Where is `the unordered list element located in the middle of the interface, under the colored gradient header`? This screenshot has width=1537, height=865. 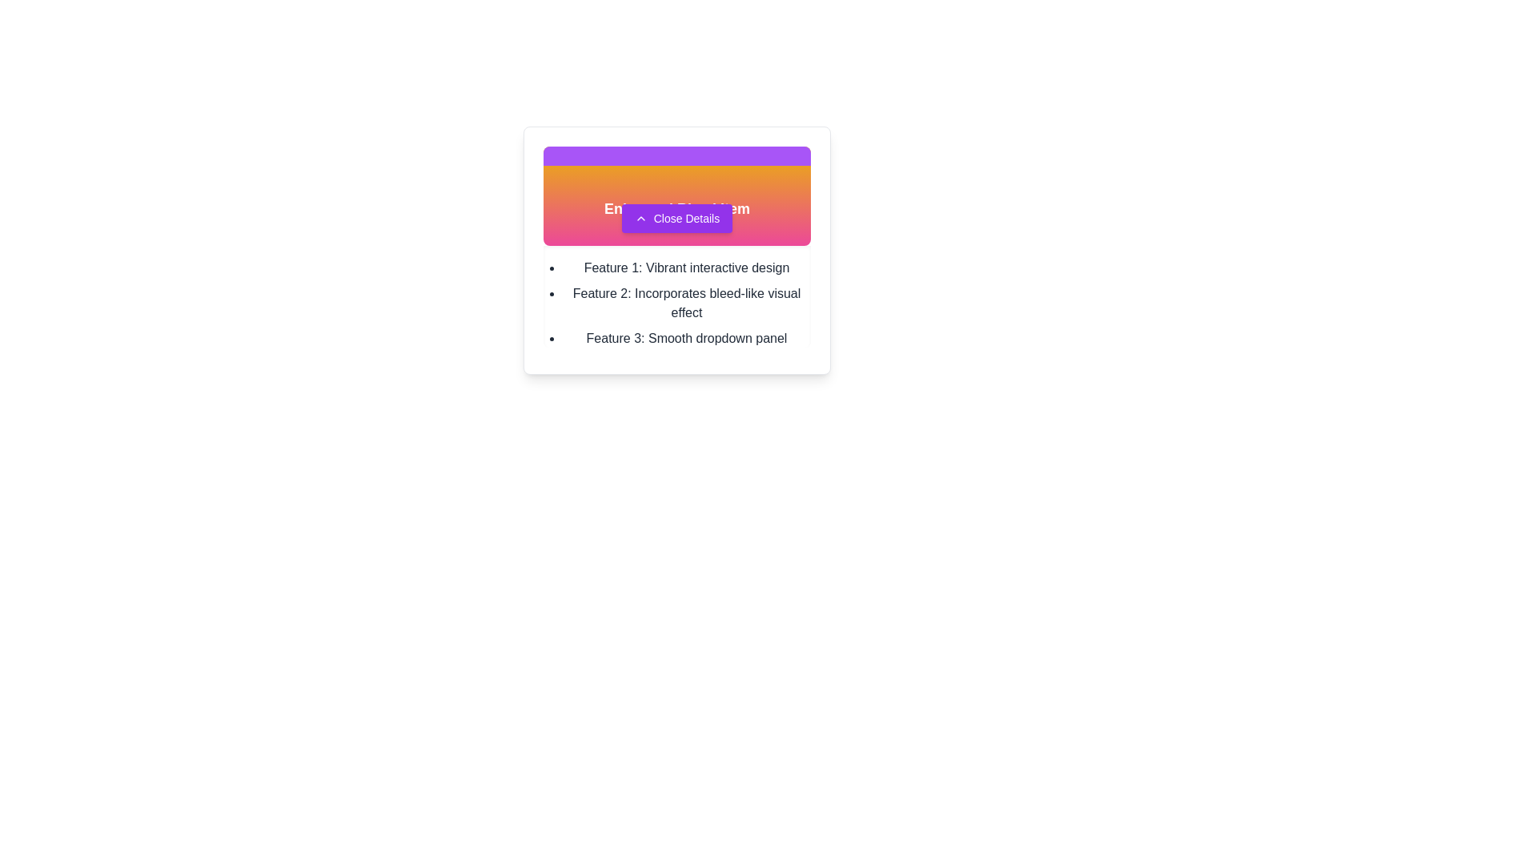 the unordered list element located in the middle of the interface, under the colored gradient header is located at coordinates (676, 303).